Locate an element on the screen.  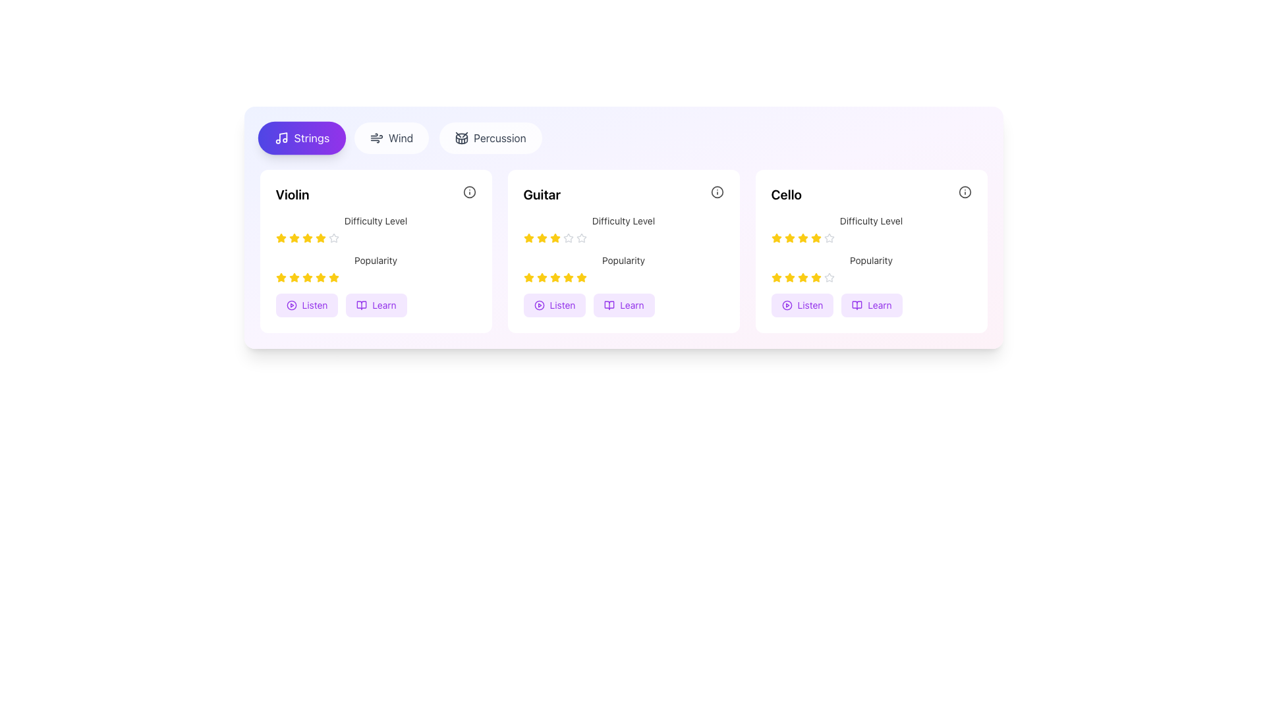
the informational icon located in the upper-right corner of the 'Guitar' card is located at coordinates (716, 192).